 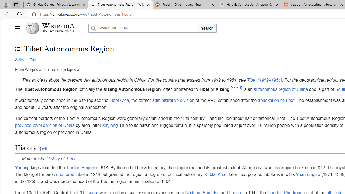 I want to click on 'Help & Contact Us - Amazon Customer Service - Sleeping', so click(x=249, y=5).